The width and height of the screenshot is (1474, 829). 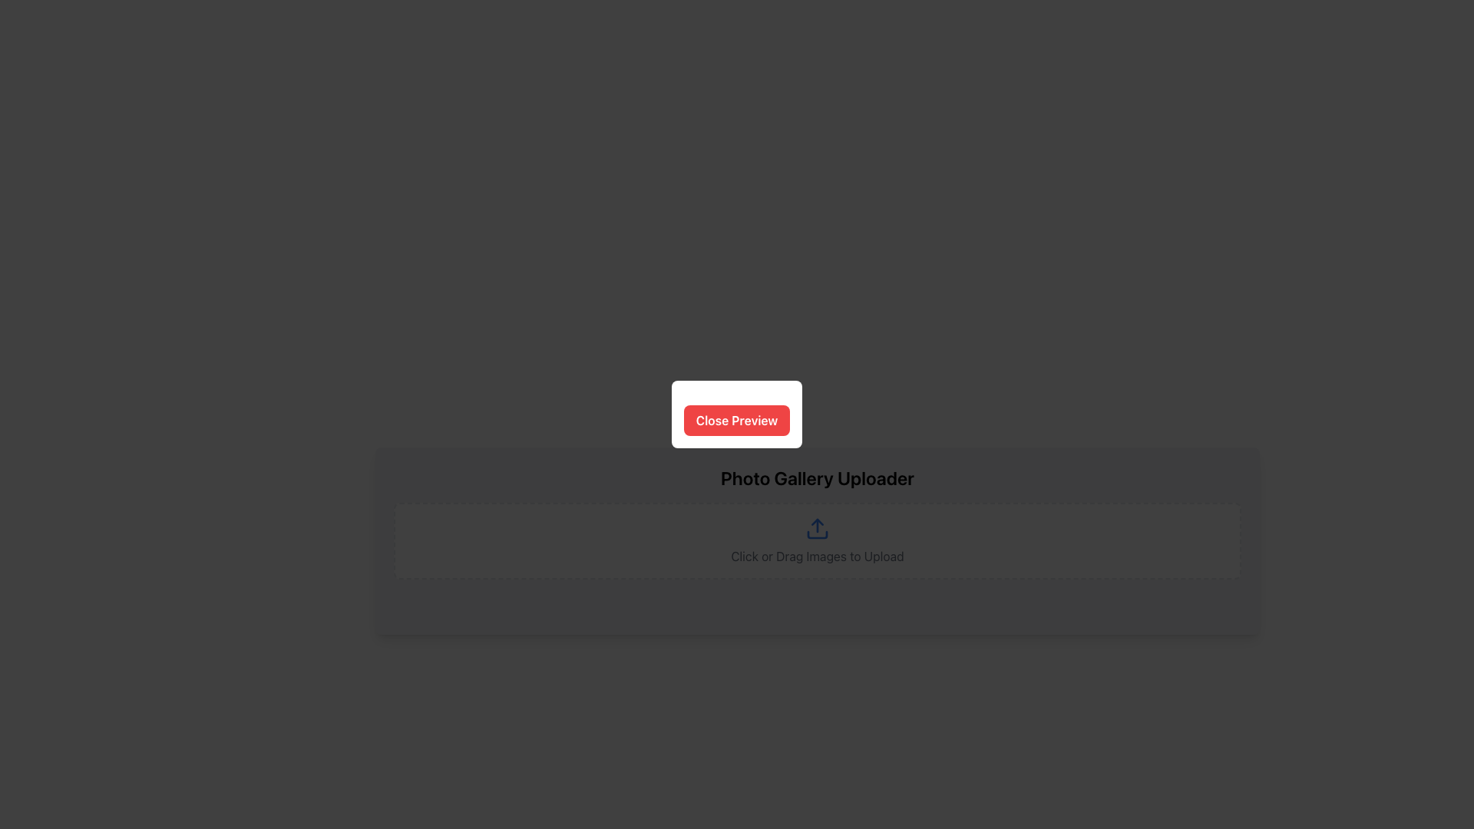 I want to click on title 'Photo Gallery Uploader' located at the top of the photo gallery uploader section, so click(x=817, y=477).